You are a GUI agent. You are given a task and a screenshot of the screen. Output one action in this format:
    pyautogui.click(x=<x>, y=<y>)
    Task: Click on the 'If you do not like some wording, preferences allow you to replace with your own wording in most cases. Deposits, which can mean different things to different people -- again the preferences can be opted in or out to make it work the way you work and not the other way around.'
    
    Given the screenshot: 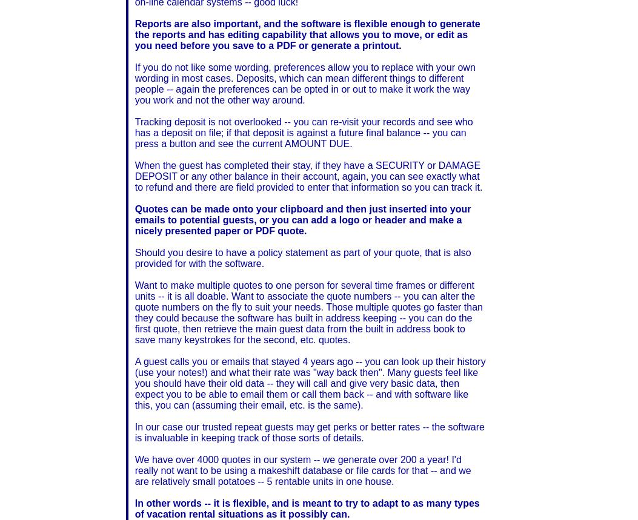 What is the action you would take?
    pyautogui.click(x=305, y=83)
    